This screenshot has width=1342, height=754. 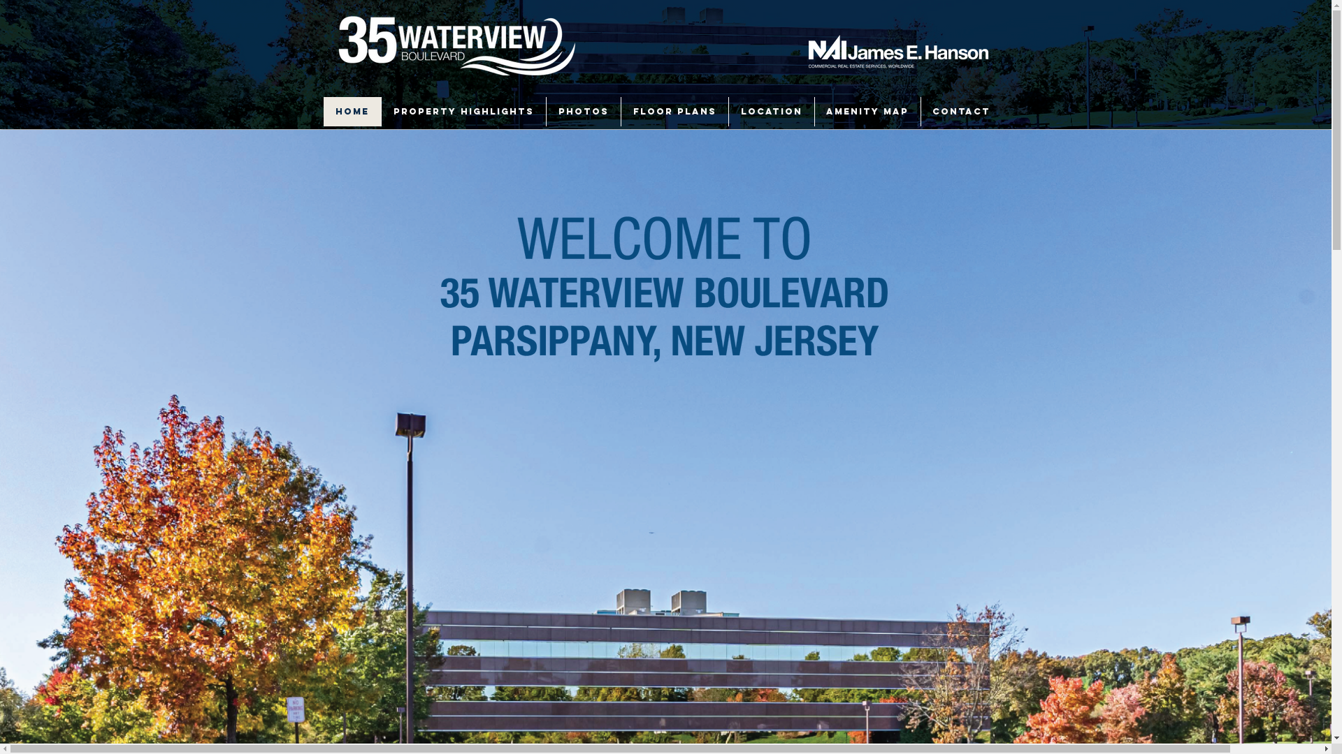 What do you see at coordinates (463, 110) in the screenshot?
I see `'PROPERTY HIGHLIGHTS'` at bounding box center [463, 110].